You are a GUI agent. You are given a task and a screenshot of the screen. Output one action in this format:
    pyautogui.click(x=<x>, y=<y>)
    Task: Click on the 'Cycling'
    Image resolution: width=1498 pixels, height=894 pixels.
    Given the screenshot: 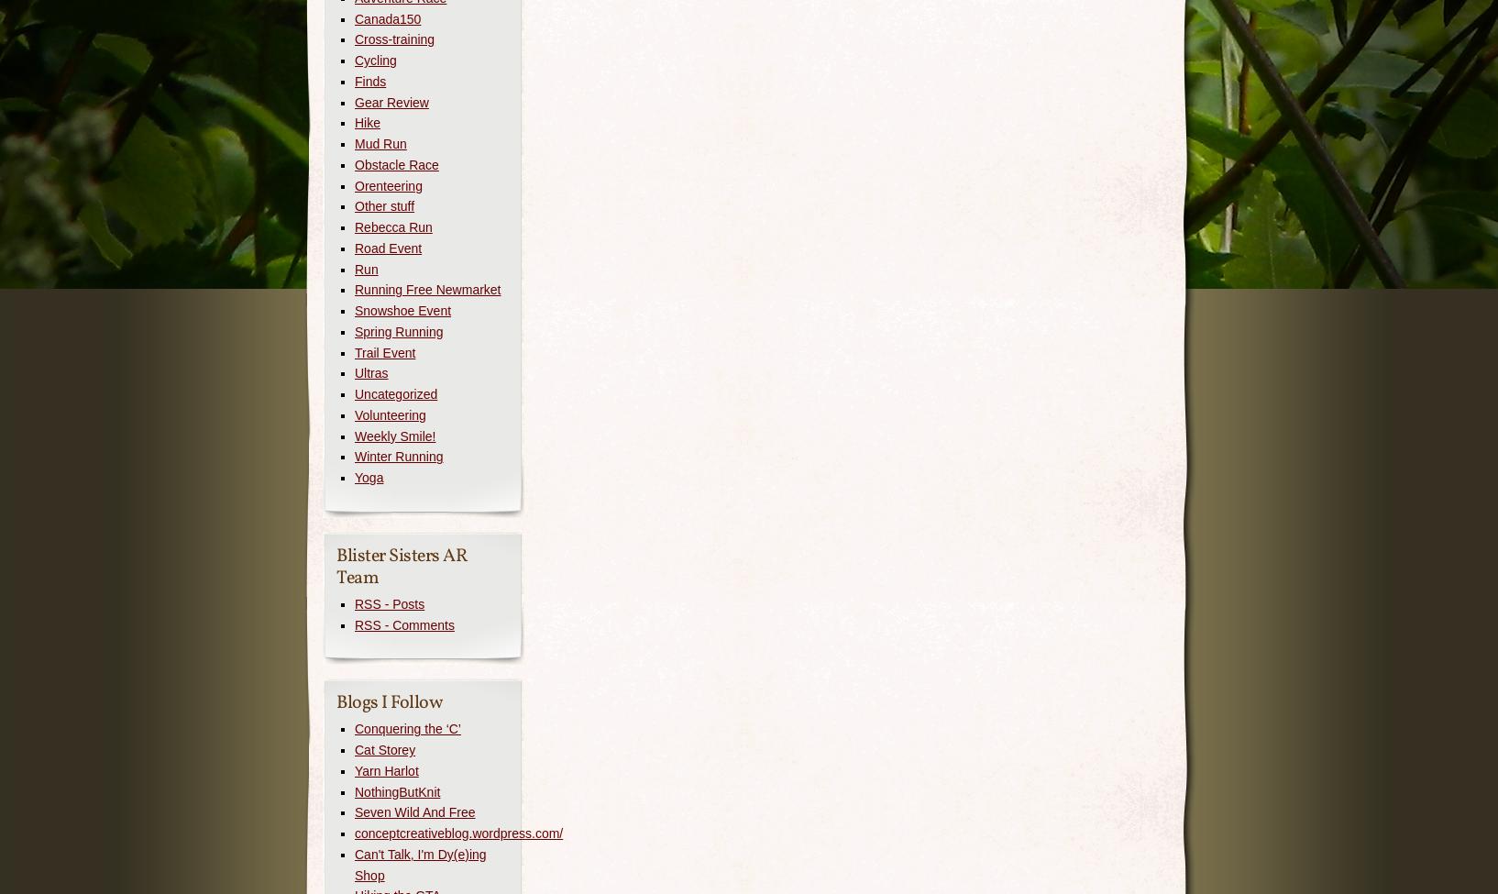 What is the action you would take?
    pyautogui.click(x=374, y=61)
    